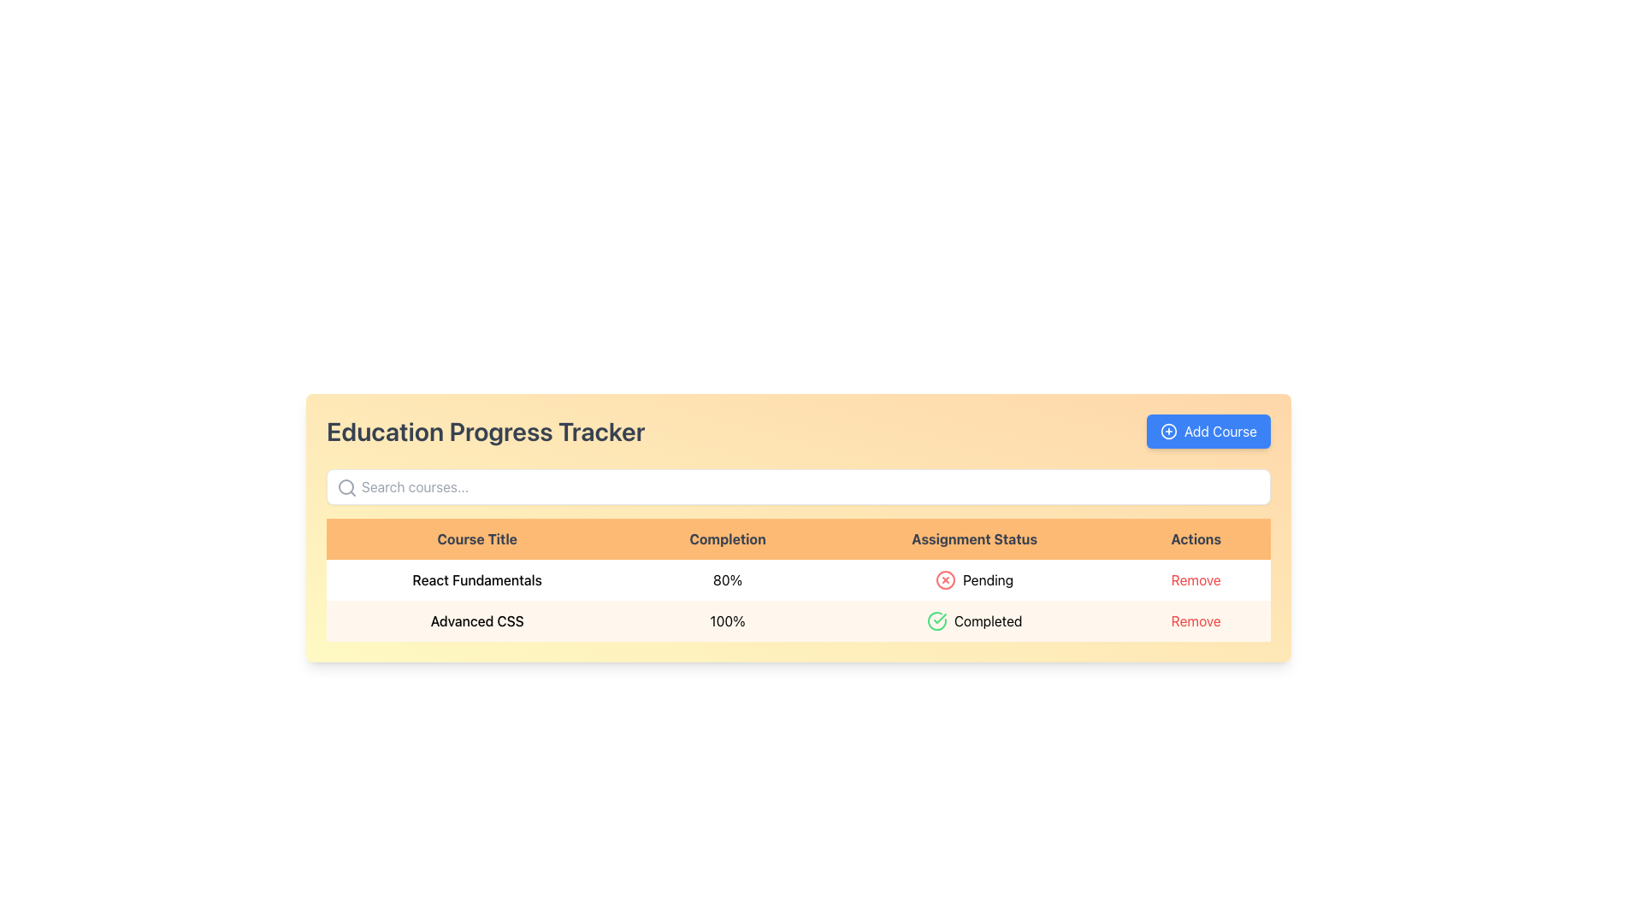 Image resolution: width=1642 pixels, height=923 pixels. I want to click on the red circular icon with a central cross shape located in the 'Assignment Status' column of the 'React Fundamentals' row, so click(945, 579).